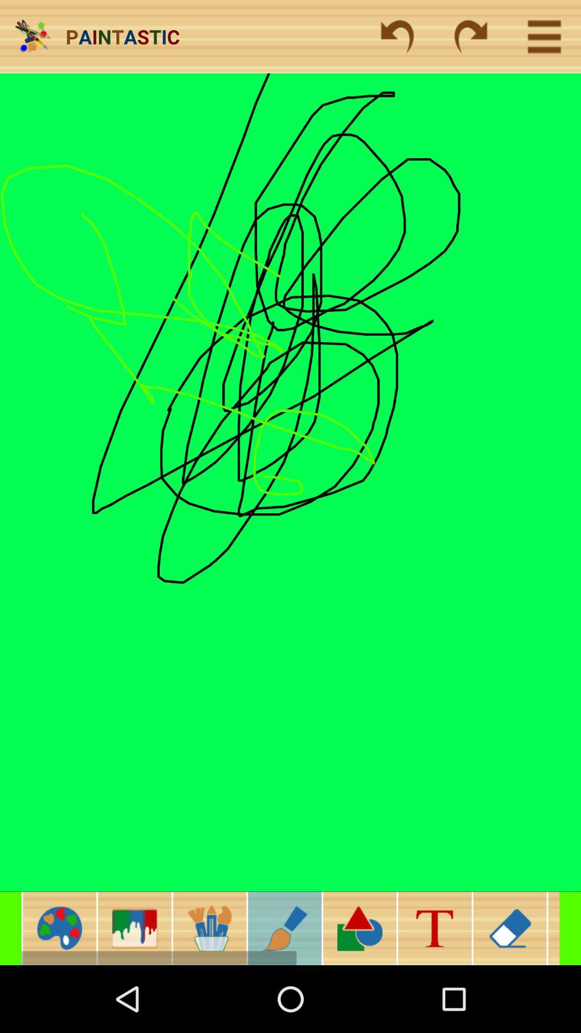 The image size is (581, 1033). I want to click on the font icon, so click(434, 928).